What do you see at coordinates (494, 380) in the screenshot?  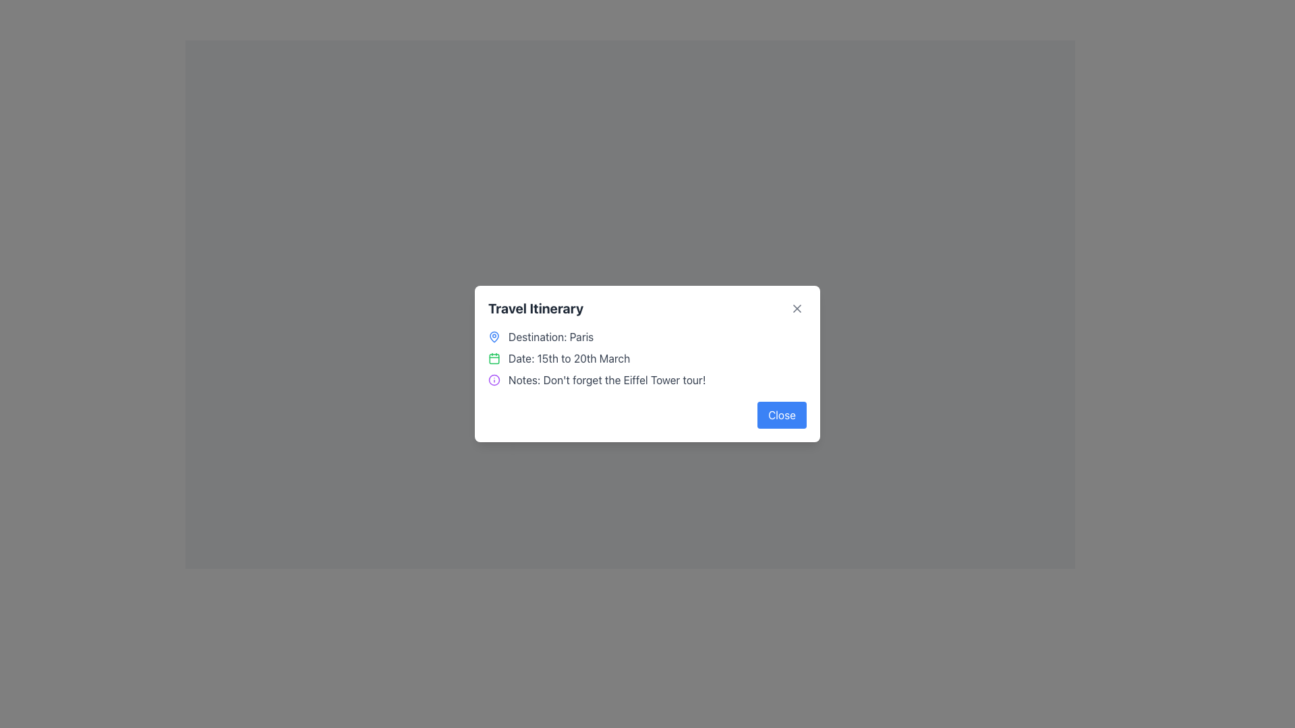 I see `the circular icon with a purple outline containing an information symbol, located in the second line of the content section titled 'Notes: Don't forget the Eiffel Tower tour!'` at bounding box center [494, 380].